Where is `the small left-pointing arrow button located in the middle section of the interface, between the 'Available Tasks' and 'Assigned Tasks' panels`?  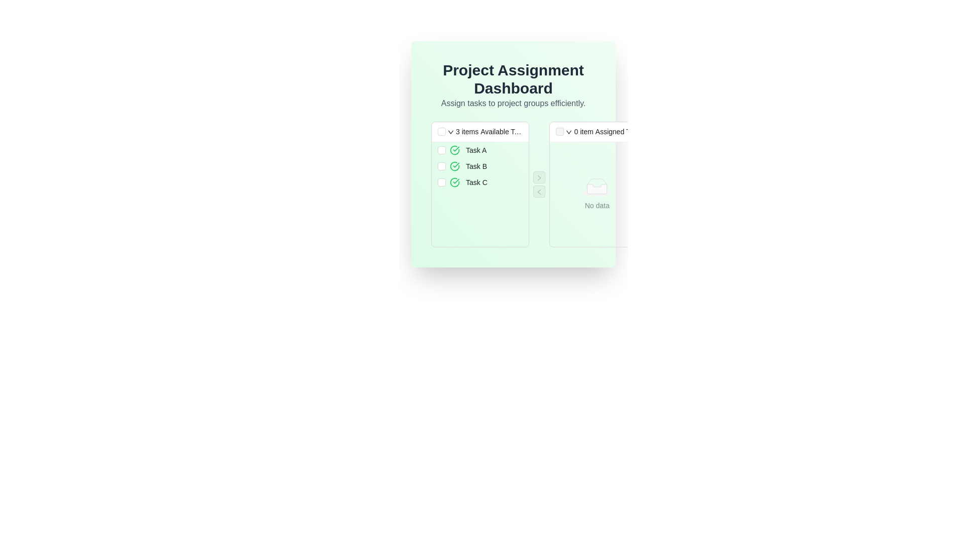
the small left-pointing arrow button located in the middle section of the interface, between the 'Available Tasks' and 'Assigned Tasks' panels is located at coordinates (539, 192).